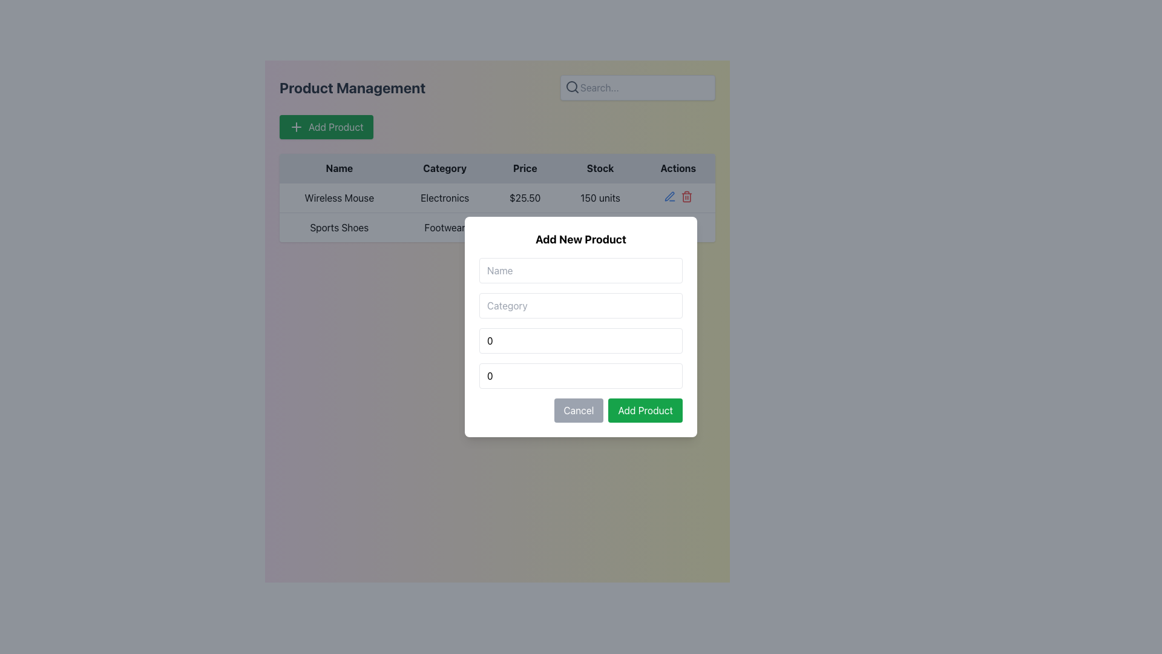 This screenshot has height=654, width=1162. I want to click on the green 'Add Product' button that contains the icon to initiate the process of adding a new product, so click(296, 127).